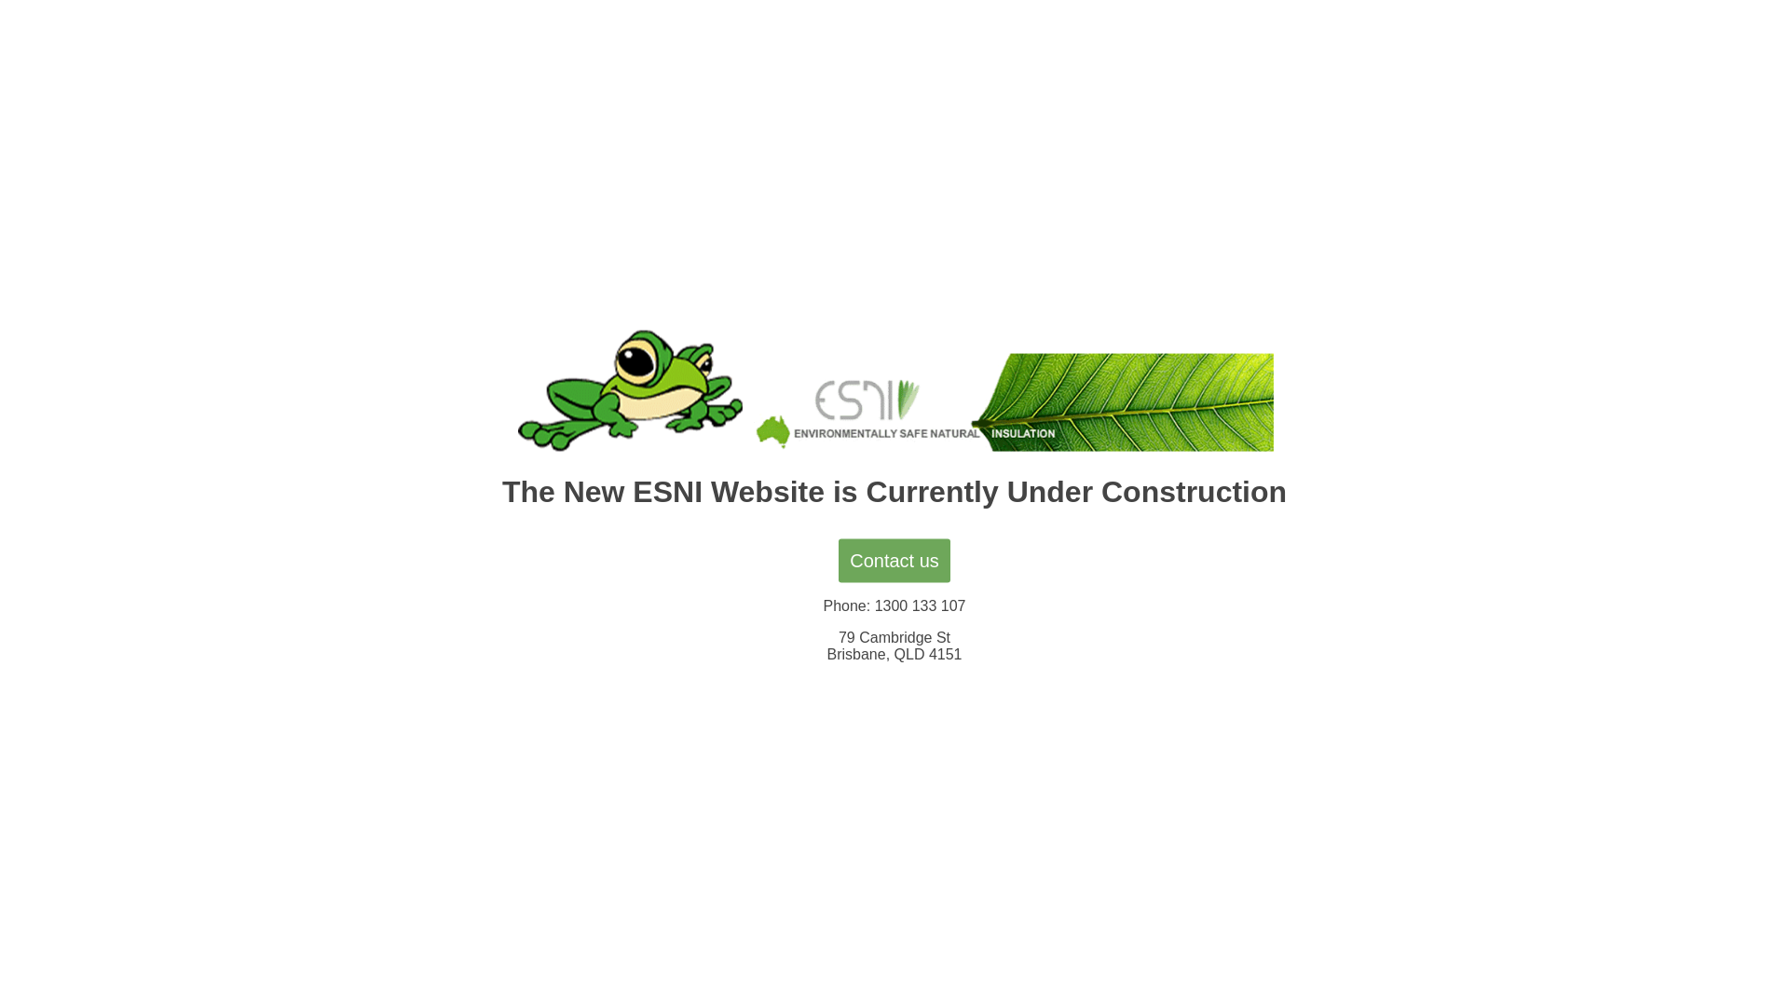 This screenshot has width=1789, height=1006. I want to click on 'Contact us', so click(894, 559).